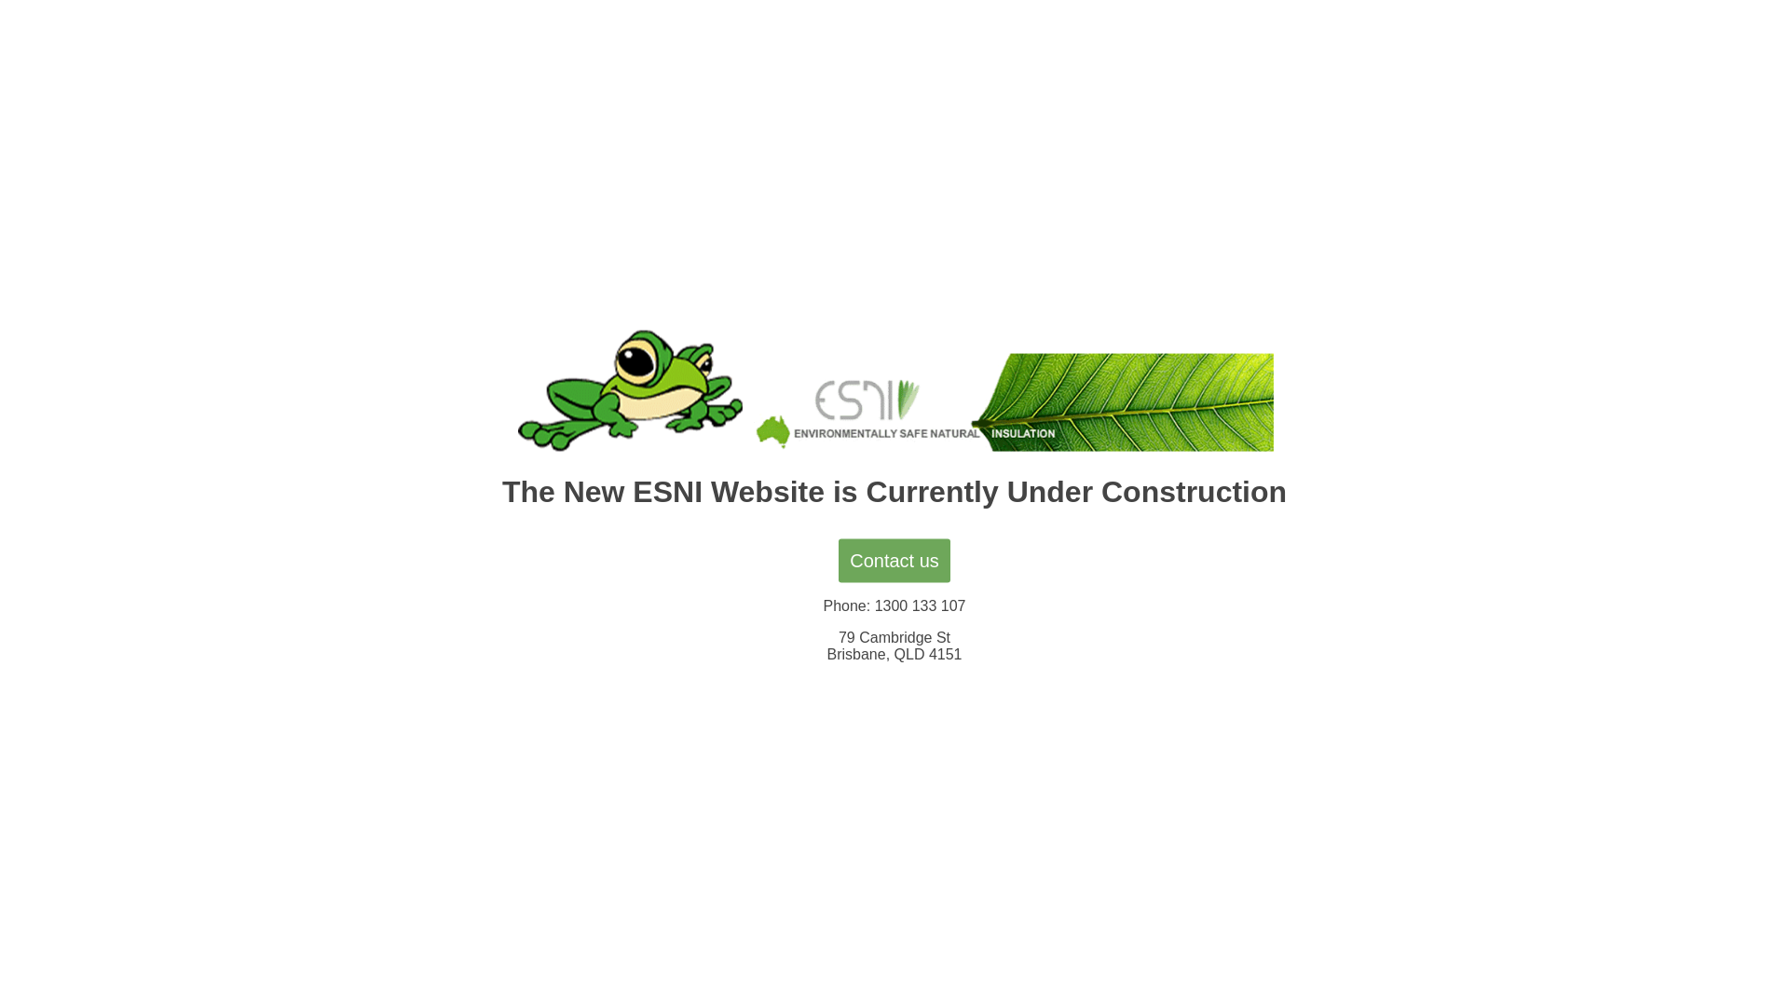 This screenshot has width=1789, height=1006. I want to click on 'Contact us', so click(894, 559).